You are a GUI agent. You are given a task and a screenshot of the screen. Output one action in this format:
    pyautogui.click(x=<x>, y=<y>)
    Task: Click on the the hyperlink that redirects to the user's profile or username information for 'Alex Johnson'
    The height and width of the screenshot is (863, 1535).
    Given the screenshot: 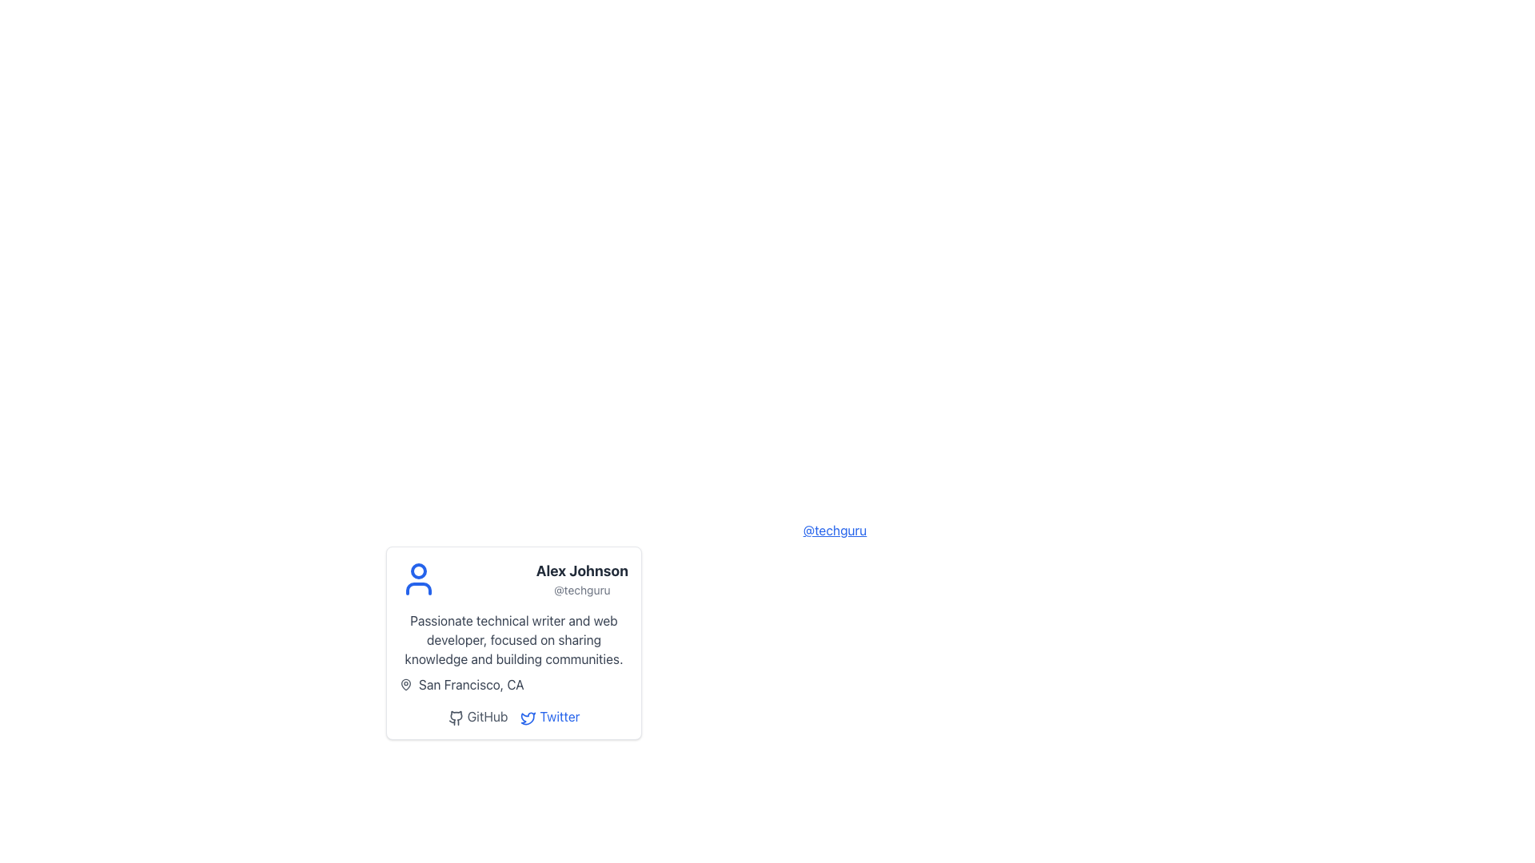 What is the action you would take?
    pyautogui.click(x=834, y=530)
    